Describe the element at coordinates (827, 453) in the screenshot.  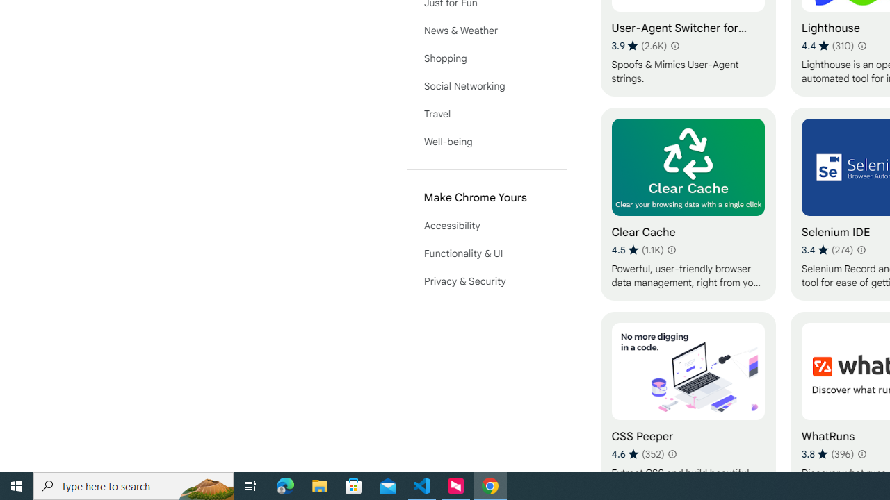
I see `'Average rating 3.8 out of 5 stars. 396 ratings.'` at that location.